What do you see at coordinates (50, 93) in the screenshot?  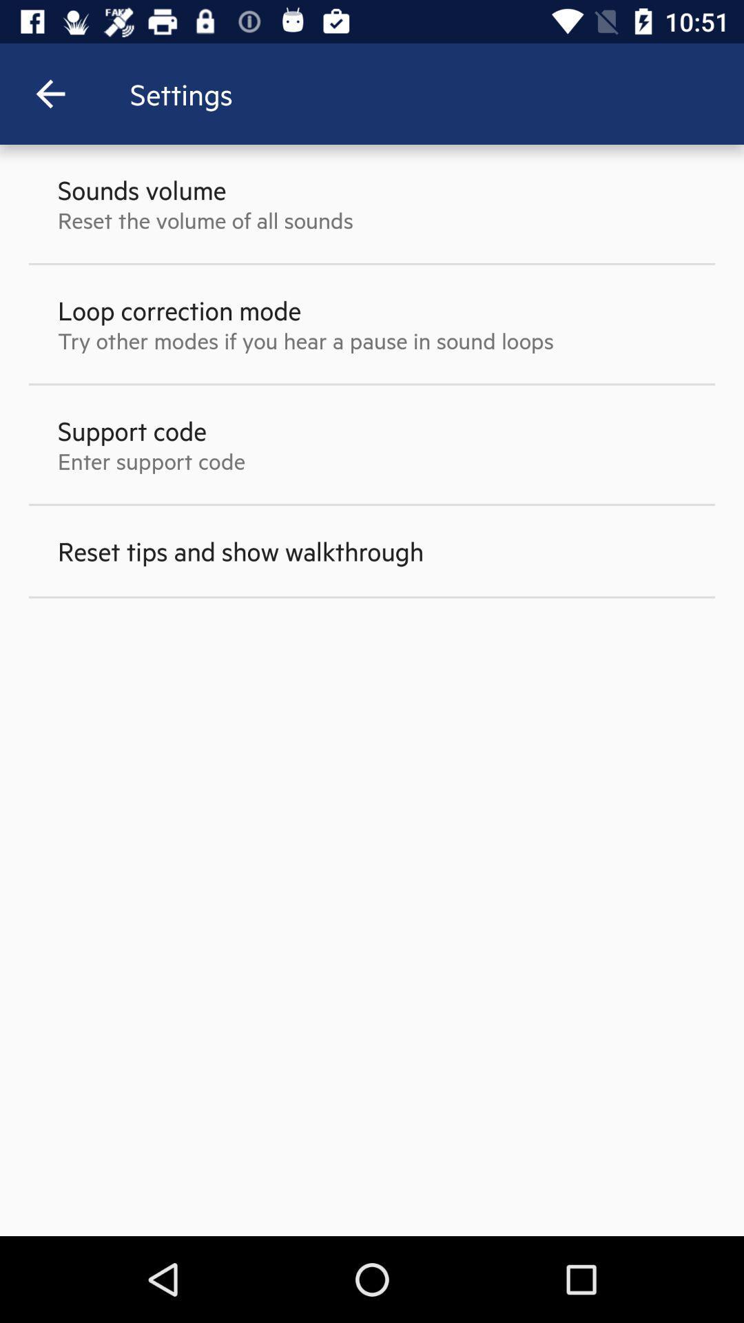 I see `the app next to settings item` at bounding box center [50, 93].